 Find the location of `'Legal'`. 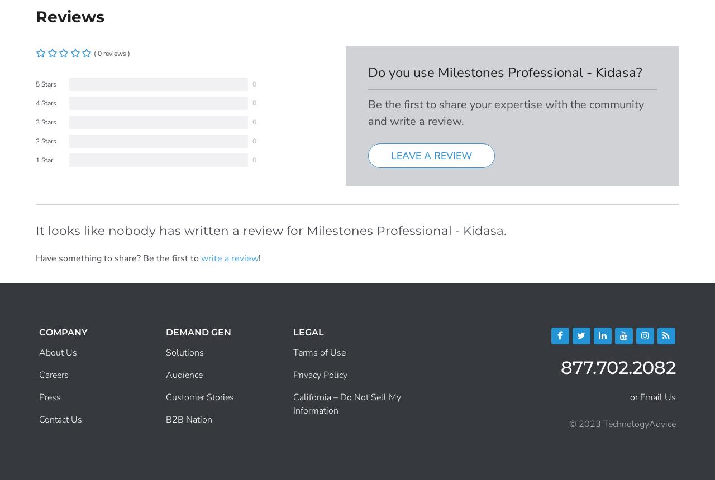

'Legal' is located at coordinates (308, 331).